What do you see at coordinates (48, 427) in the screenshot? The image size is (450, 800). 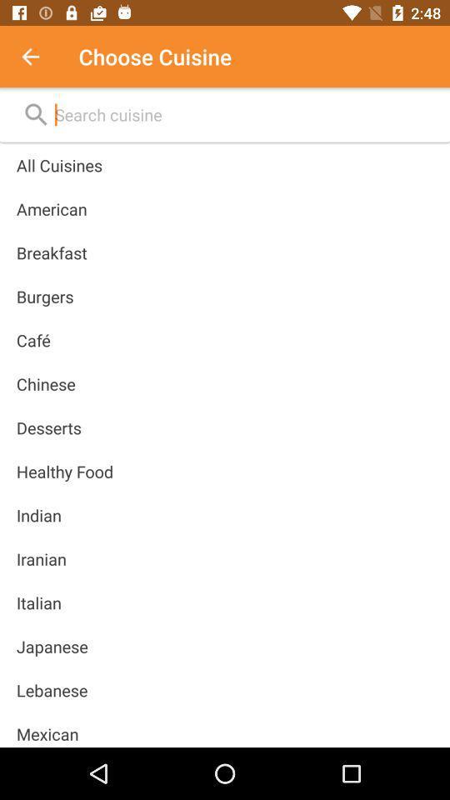 I see `desserts` at bounding box center [48, 427].